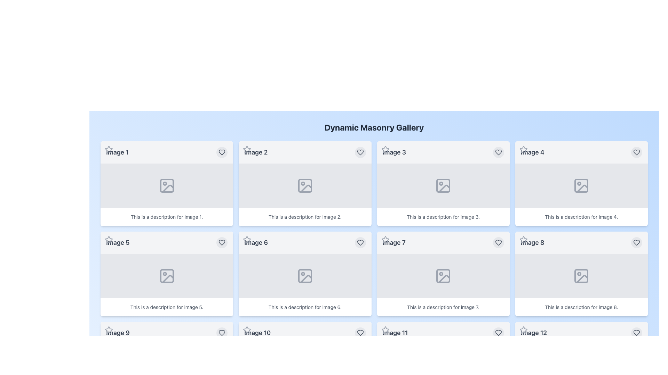  What do you see at coordinates (523, 329) in the screenshot?
I see `the decorative star icon located in the bottom-right cell of the grid layout to interact with it, if enabled` at bounding box center [523, 329].